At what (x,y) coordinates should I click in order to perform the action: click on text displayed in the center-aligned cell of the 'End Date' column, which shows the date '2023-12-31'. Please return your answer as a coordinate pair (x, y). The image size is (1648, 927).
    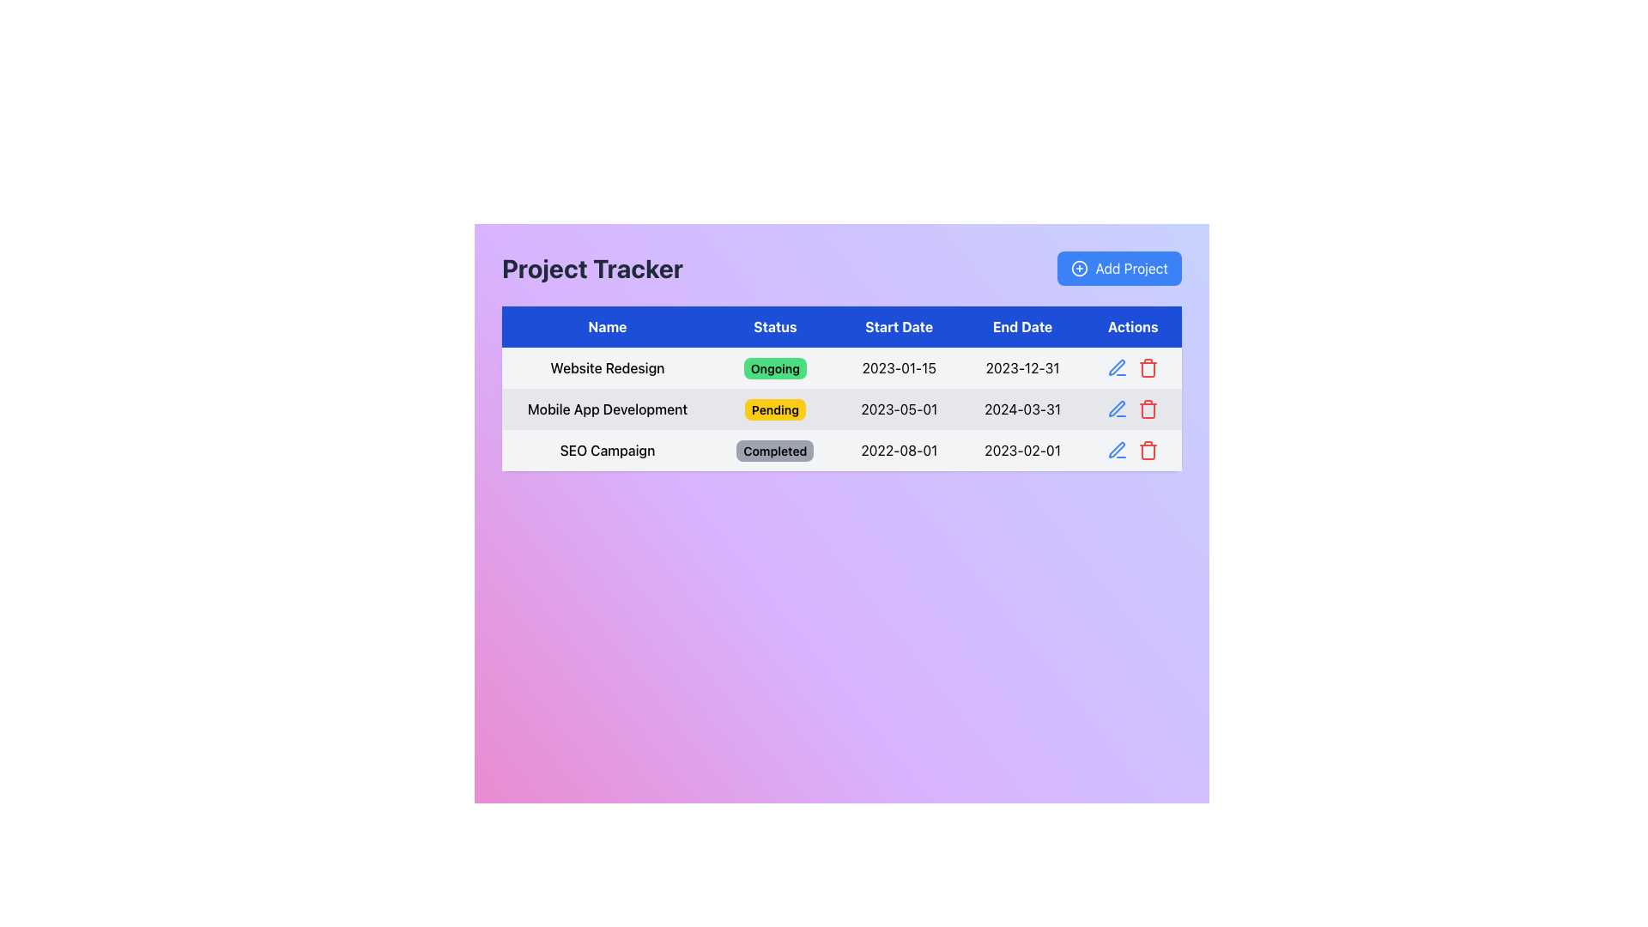
    Looking at the image, I should click on (1022, 367).